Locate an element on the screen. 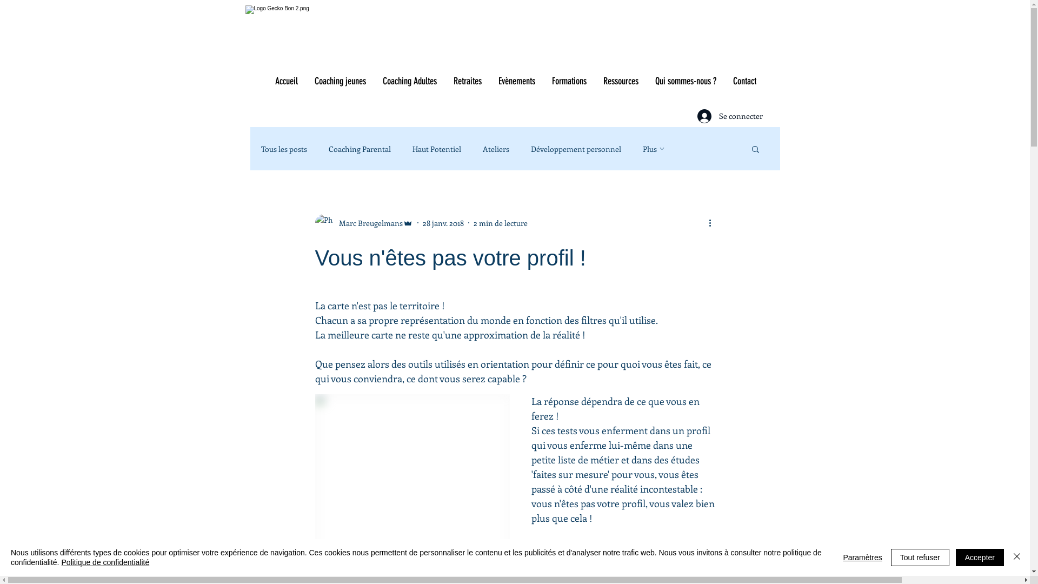  'Se connecter' is located at coordinates (730, 116).